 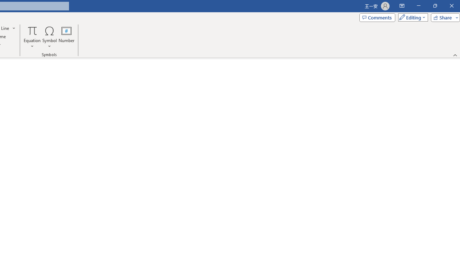 What do you see at coordinates (377, 17) in the screenshot?
I see `'Comments'` at bounding box center [377, 17].